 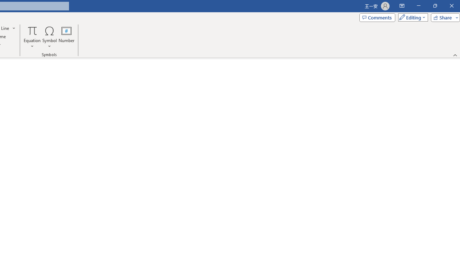 What do you see at coordinates (377, 17) in the screenshot?
I see `'Comments'` at bounding box center [377, 17].